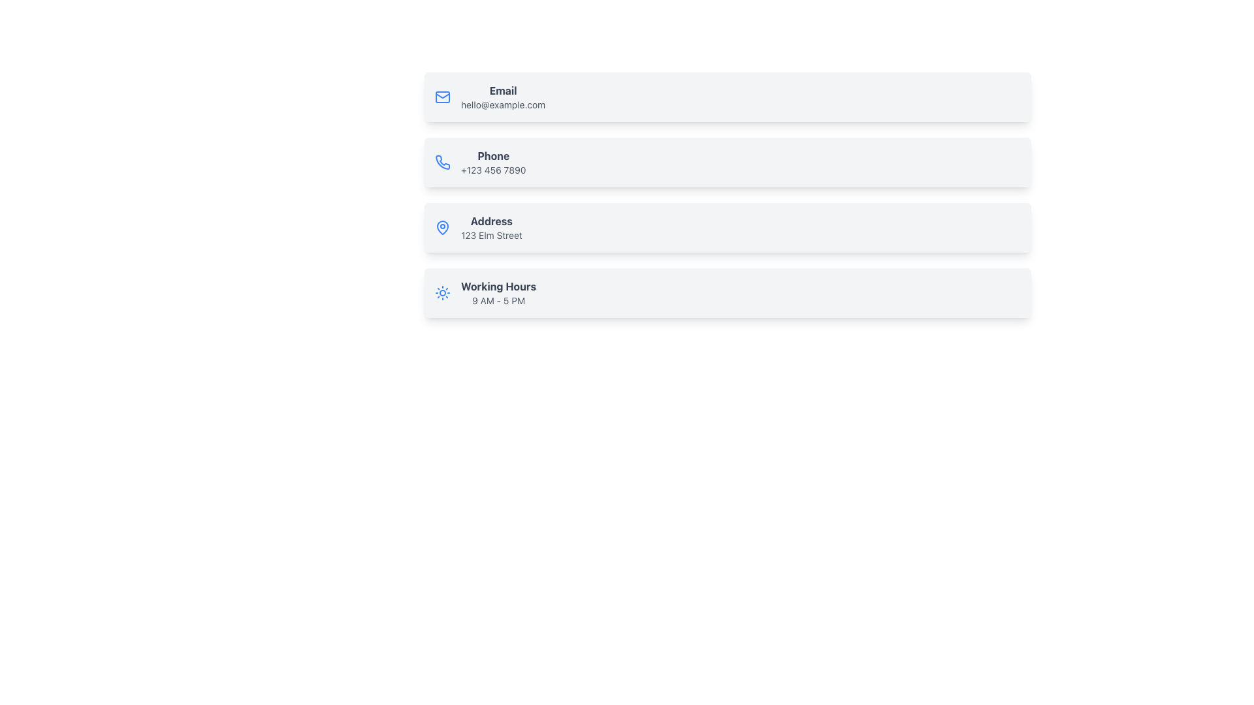 The height and width of the screenshot is (705, 1254). What do you see at coordinates (442, 95) in the screenshot?
I see `the triangular shape within the envelope icon, which is part of the SVG representation of an email icon, centered at the specified coordinates` at bounding box center [442, 95].